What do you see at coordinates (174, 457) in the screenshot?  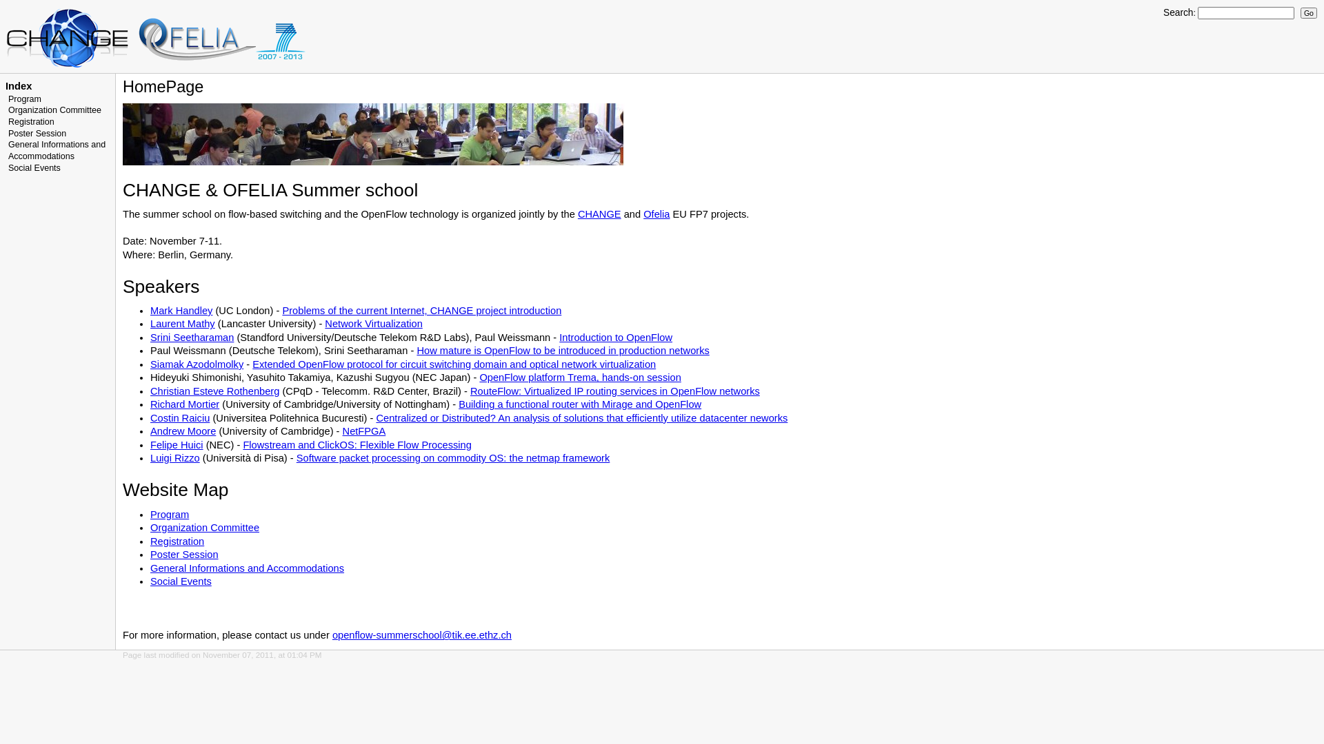 I see `'Luigi Rizzo'` at bounding box center [174, 457].